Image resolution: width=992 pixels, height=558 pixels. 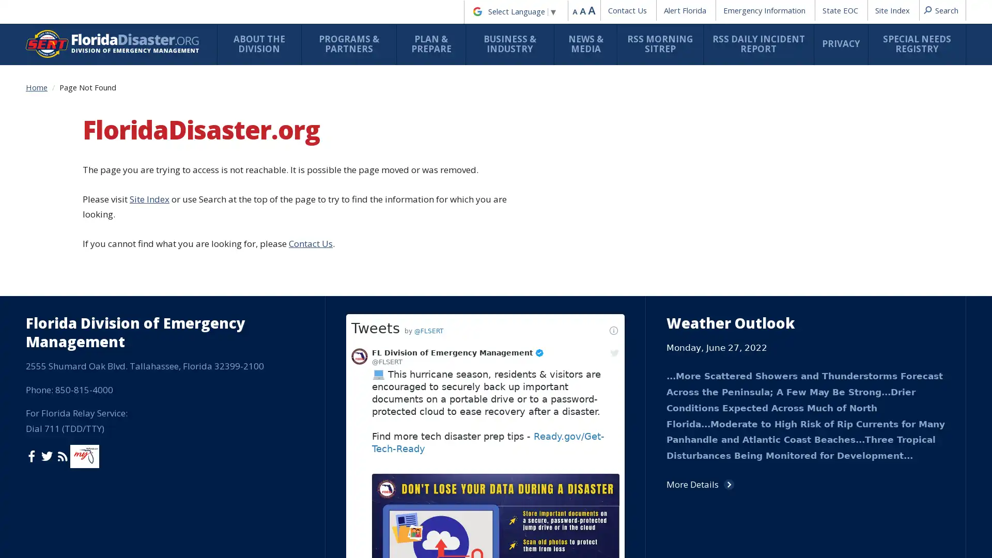 I want to click on Toggle More, so click(x=414, y=109).